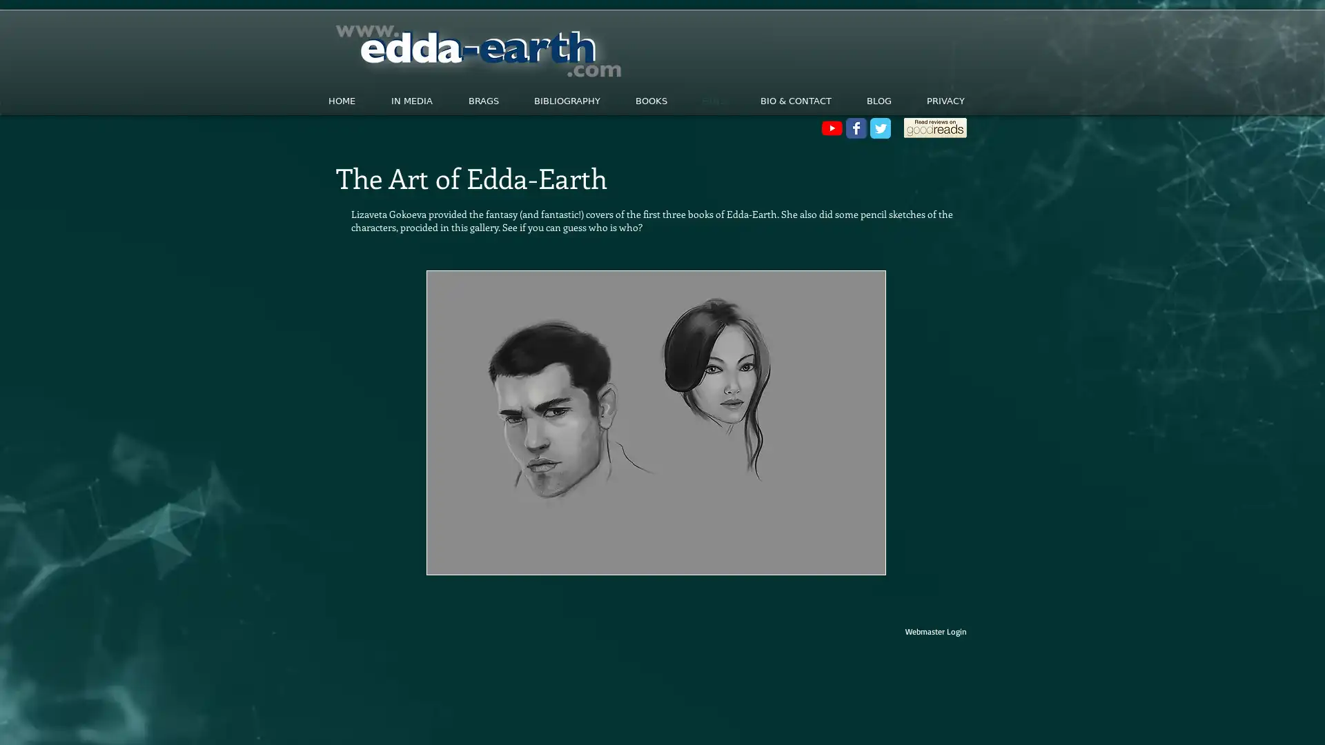  I want to click on Cookie Settings, so click(1175, 720).